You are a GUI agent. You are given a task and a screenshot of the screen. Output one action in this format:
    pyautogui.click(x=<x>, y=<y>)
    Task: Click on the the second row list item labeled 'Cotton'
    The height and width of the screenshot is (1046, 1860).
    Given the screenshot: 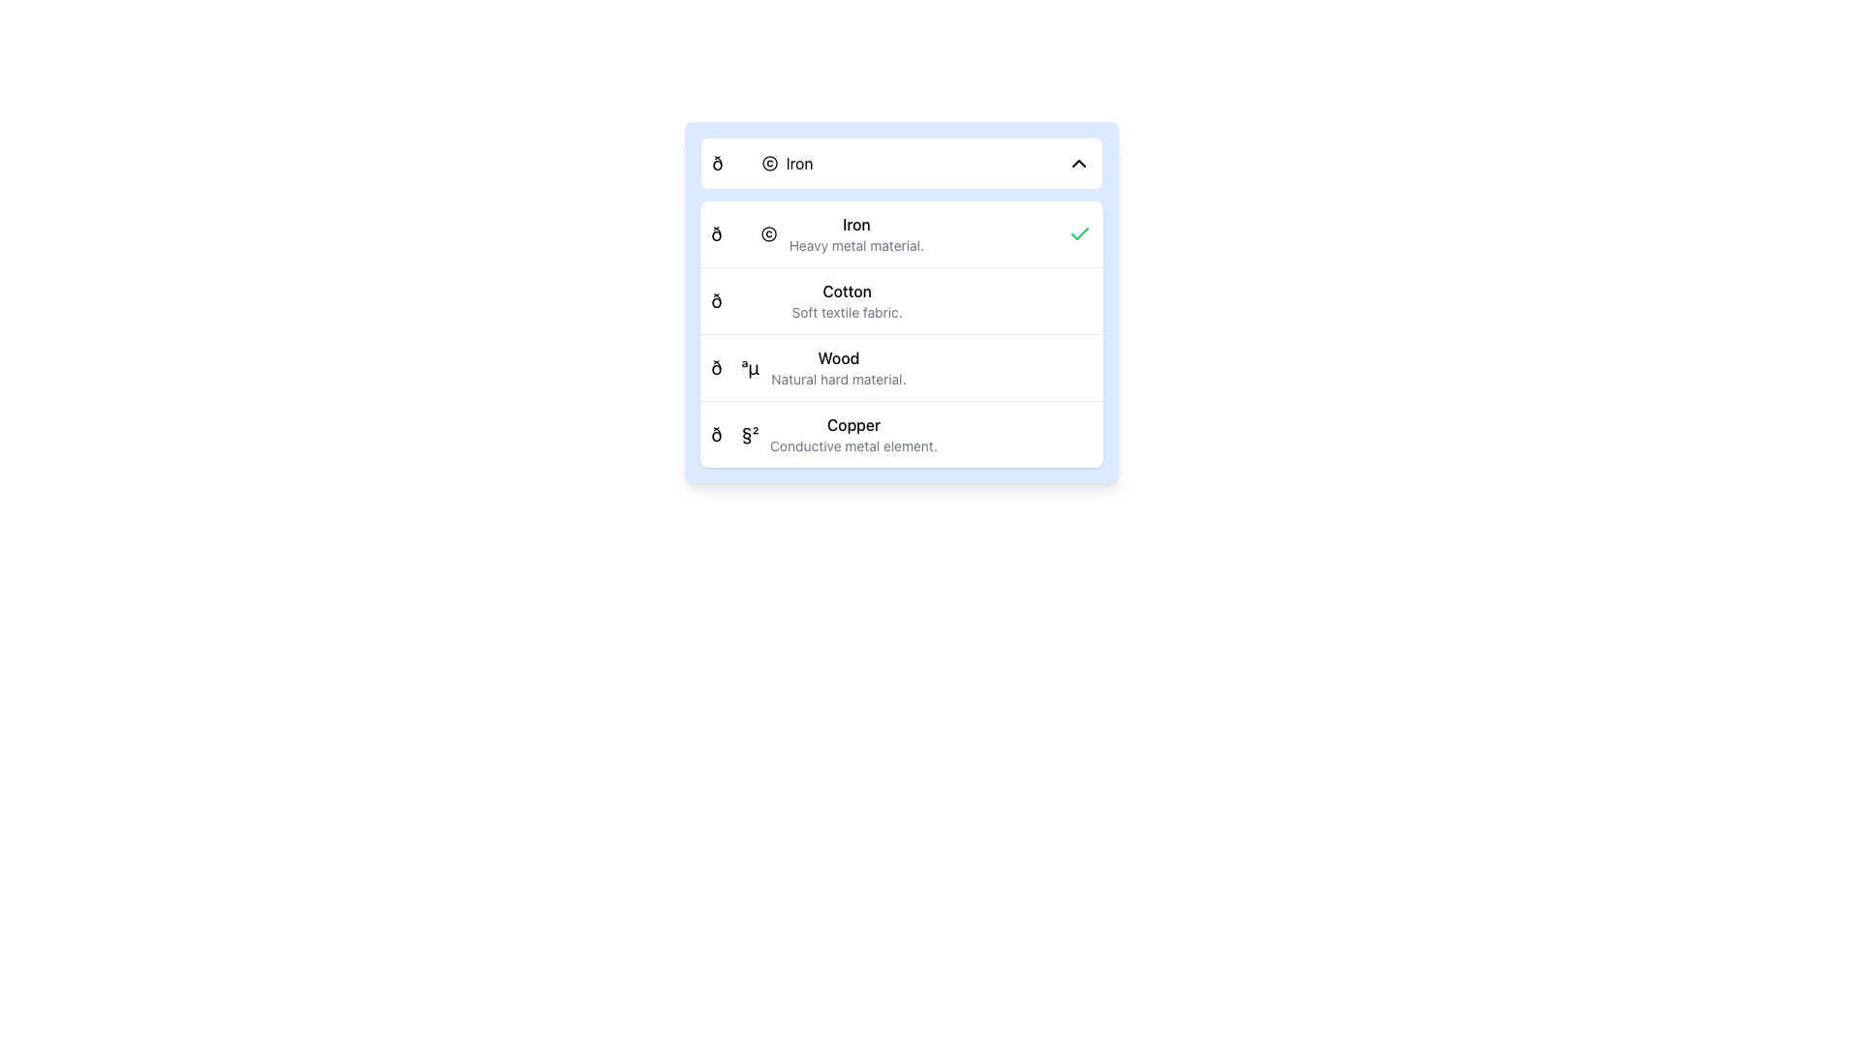 What is the action you would take?
    pyautogui.click(x=900, y=302)
    